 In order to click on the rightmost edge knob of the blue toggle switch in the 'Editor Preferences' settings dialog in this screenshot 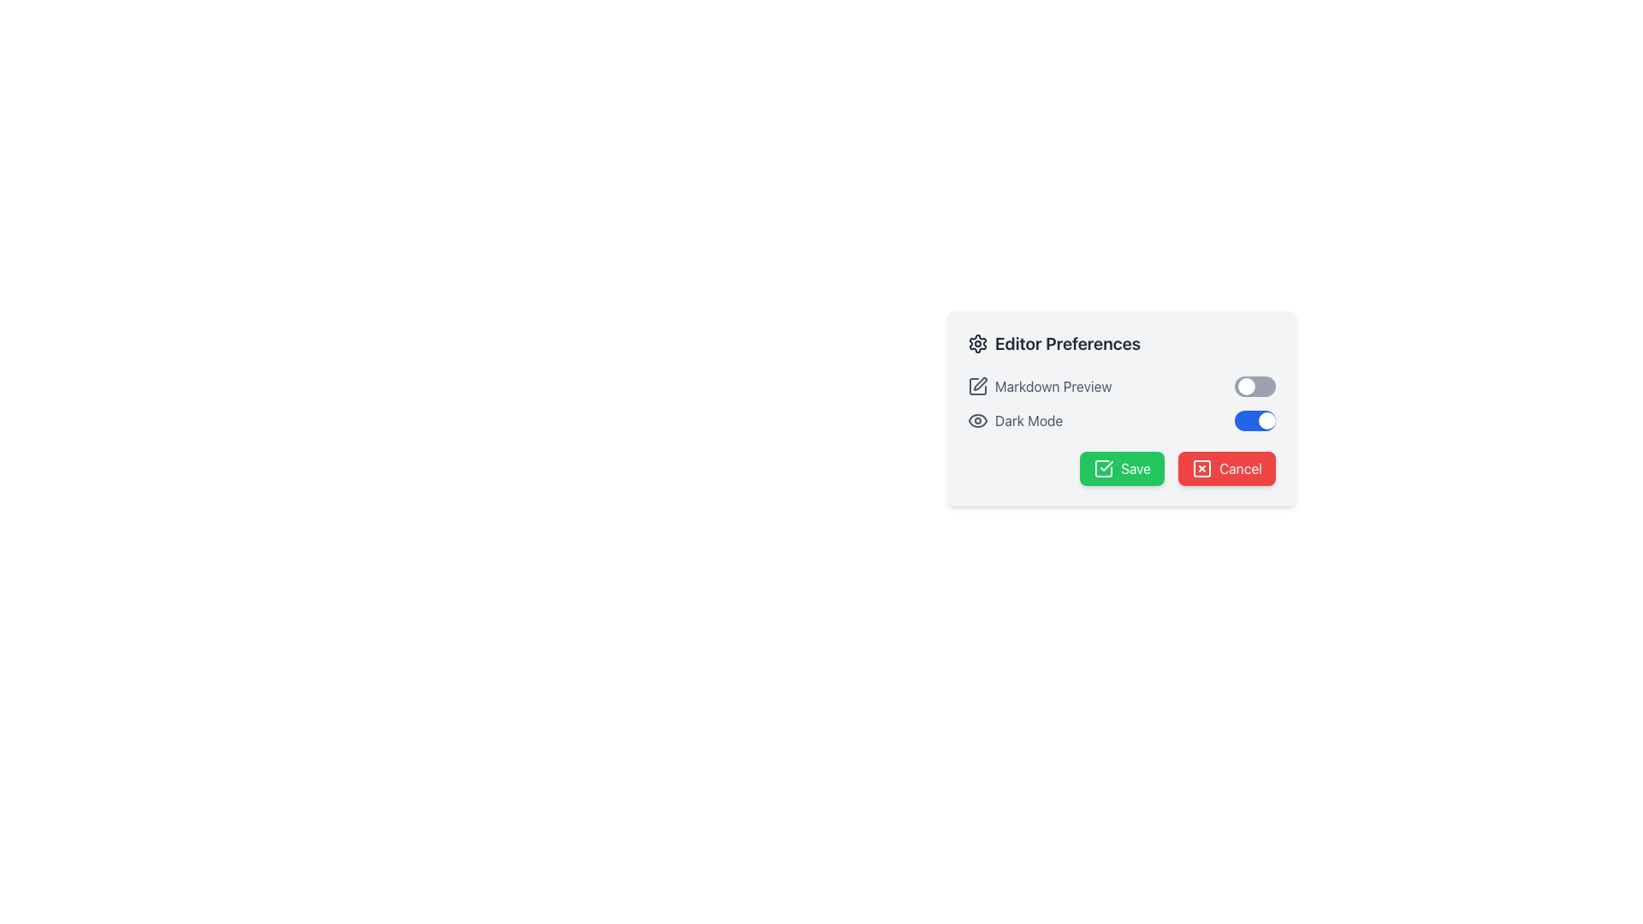, I will do `click(1267, 421)`.